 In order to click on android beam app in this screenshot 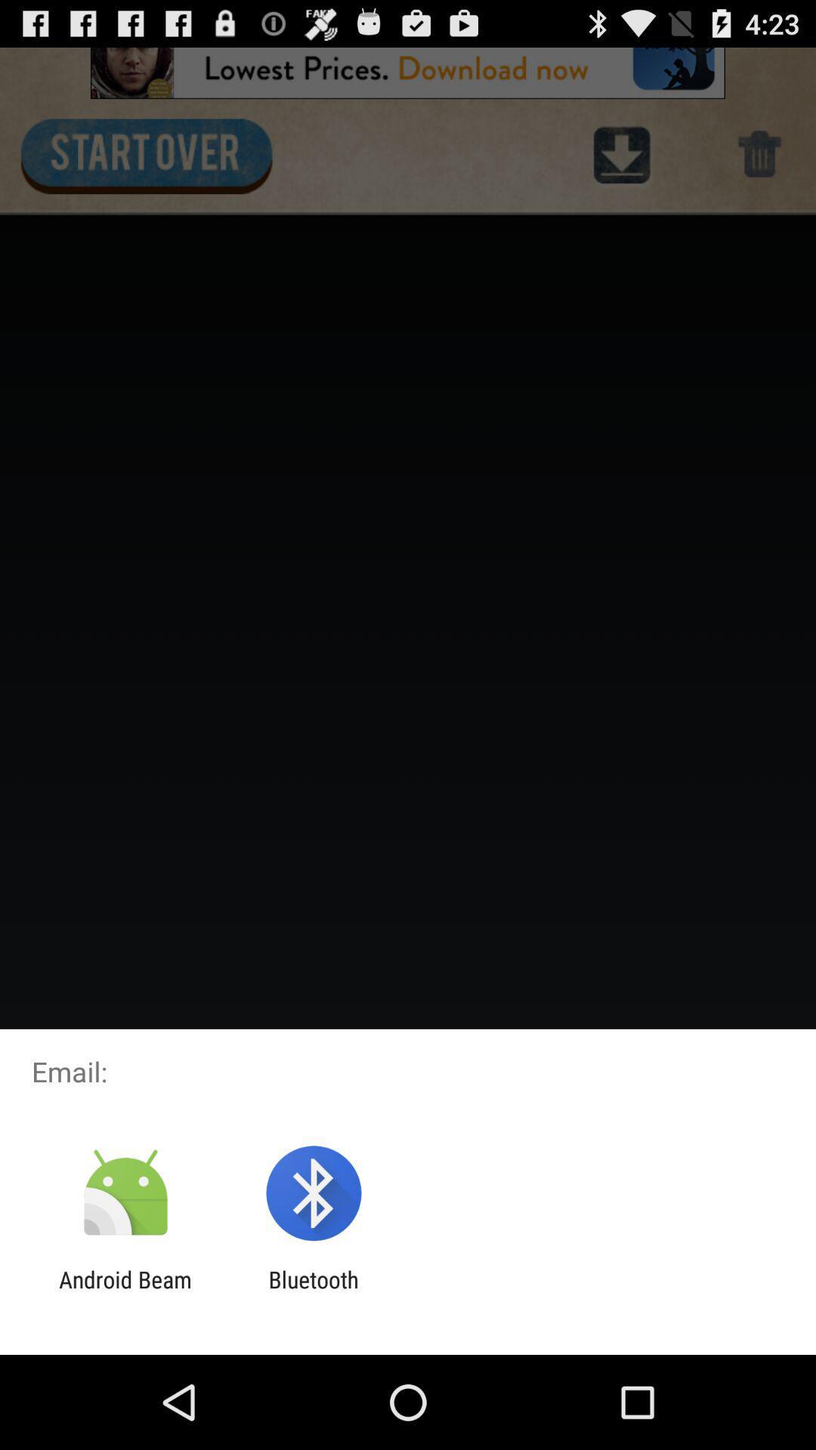, I will do `click(125, 1292)`.